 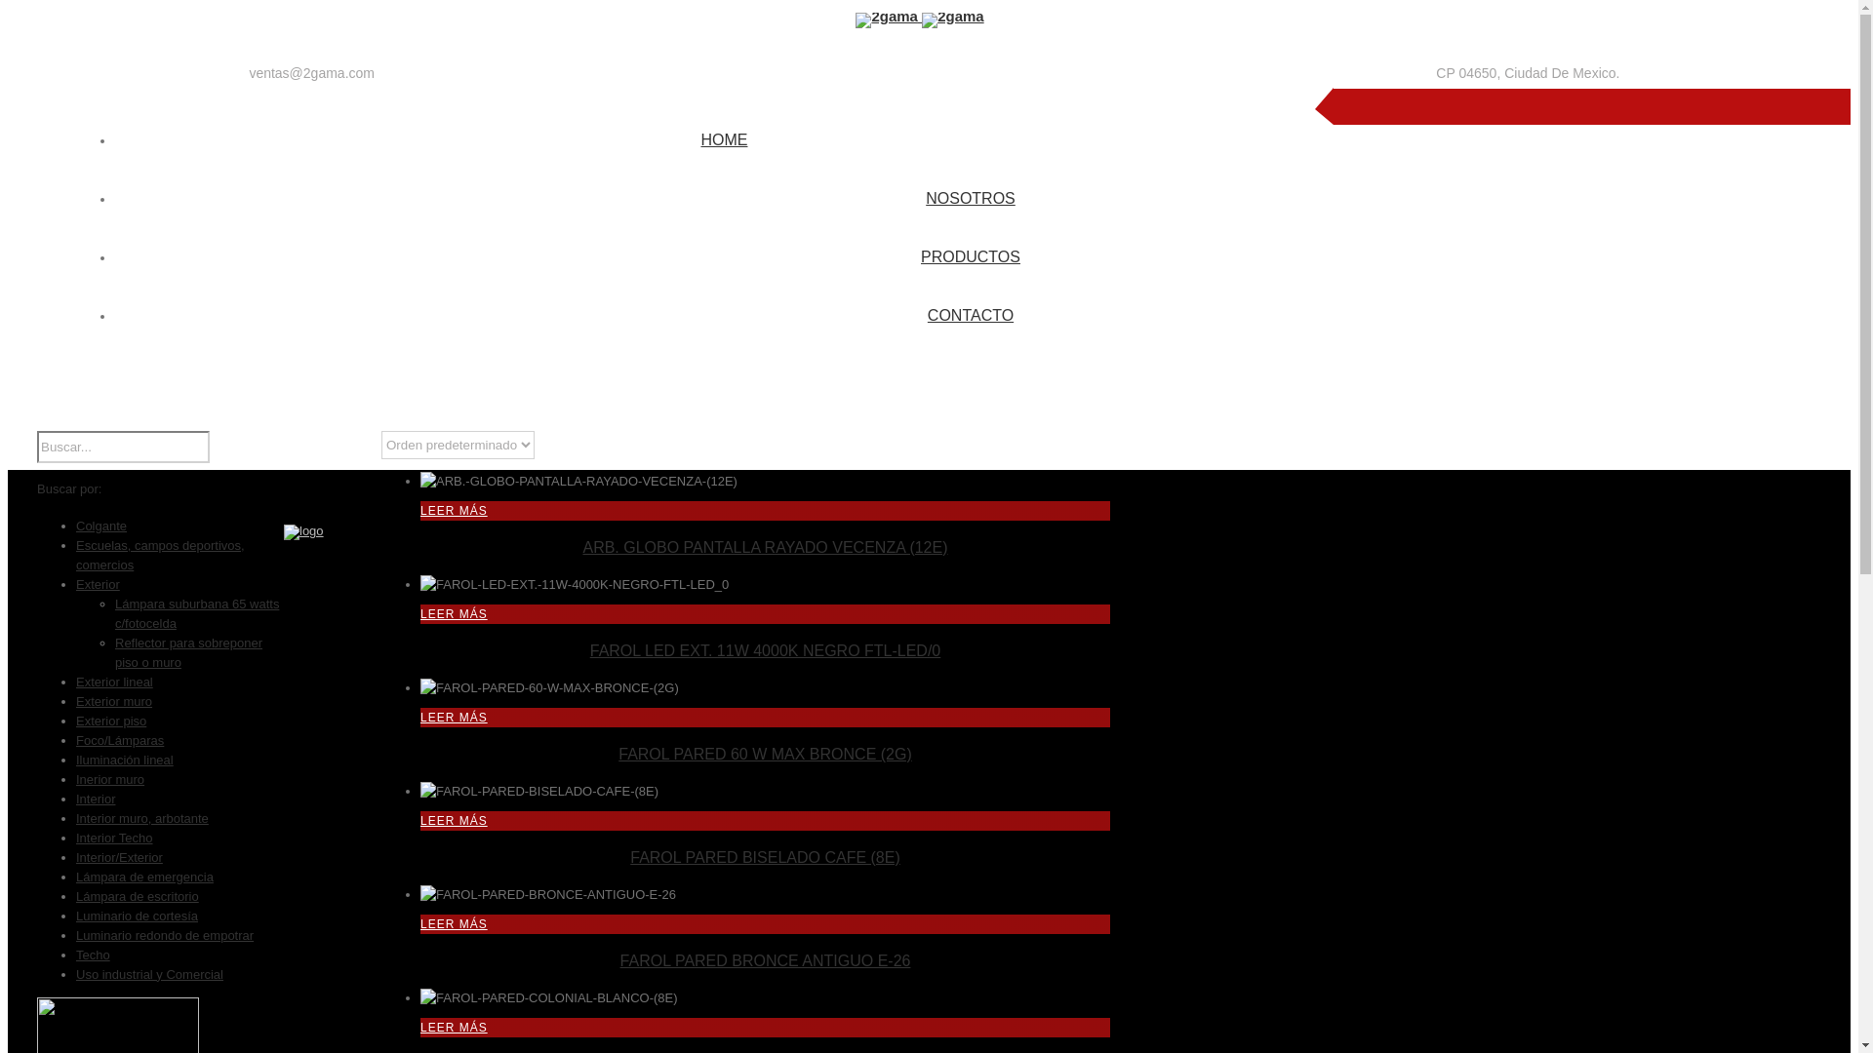 I want to click on 'Exterior lineal', so click(x=113, y=681).